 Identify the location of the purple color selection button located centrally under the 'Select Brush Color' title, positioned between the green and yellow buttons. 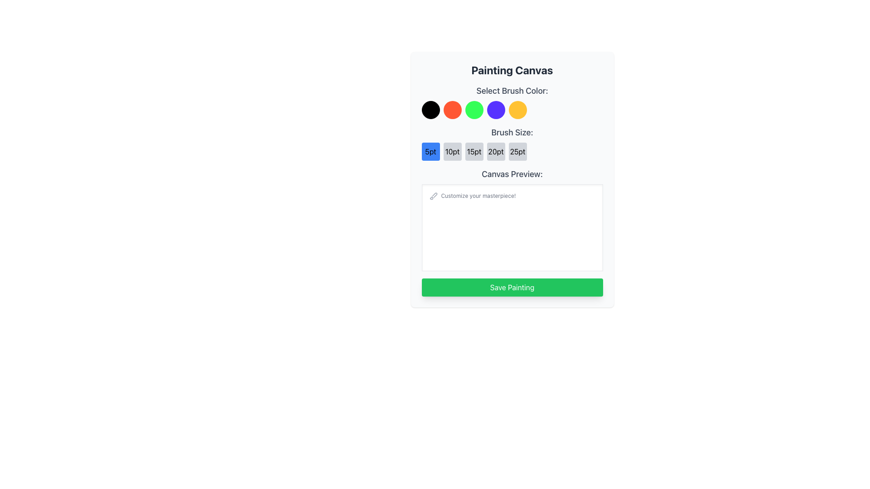
(495, 110).